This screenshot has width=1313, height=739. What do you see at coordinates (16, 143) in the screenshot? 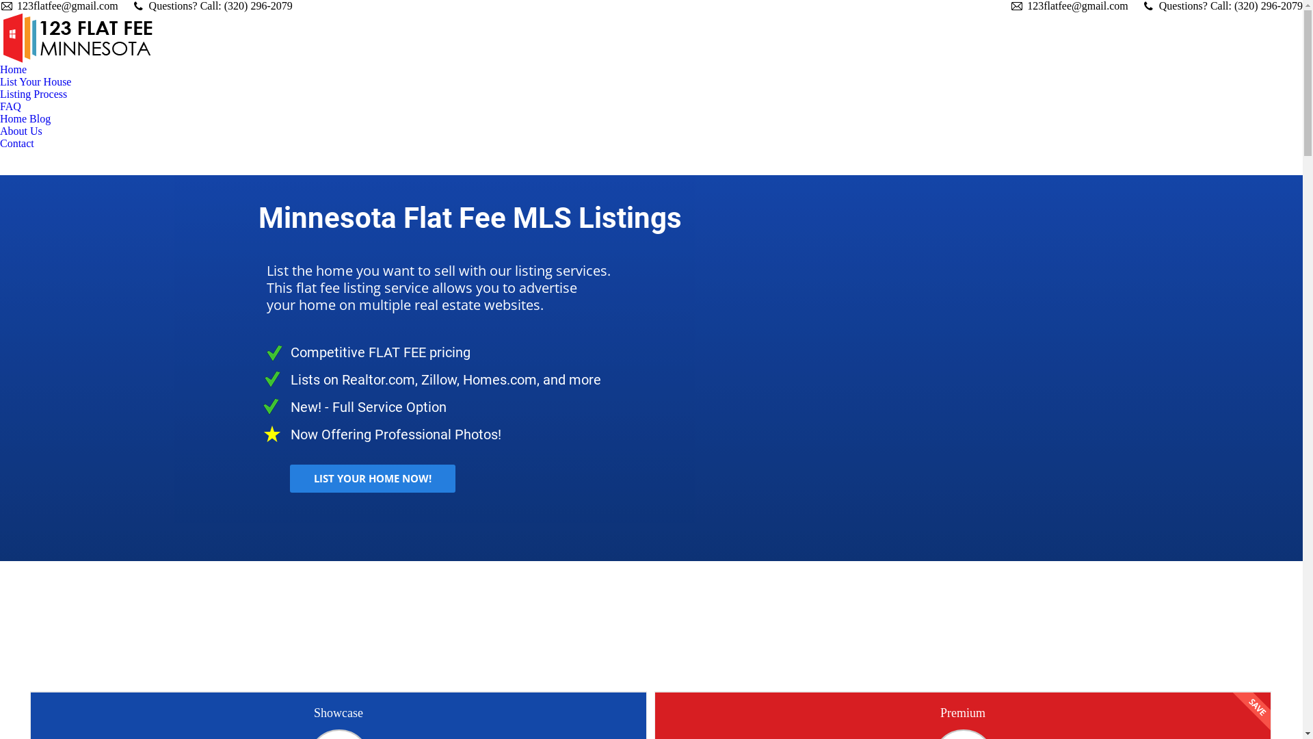
I see `'Contact'` at bounding box center [16, 143].